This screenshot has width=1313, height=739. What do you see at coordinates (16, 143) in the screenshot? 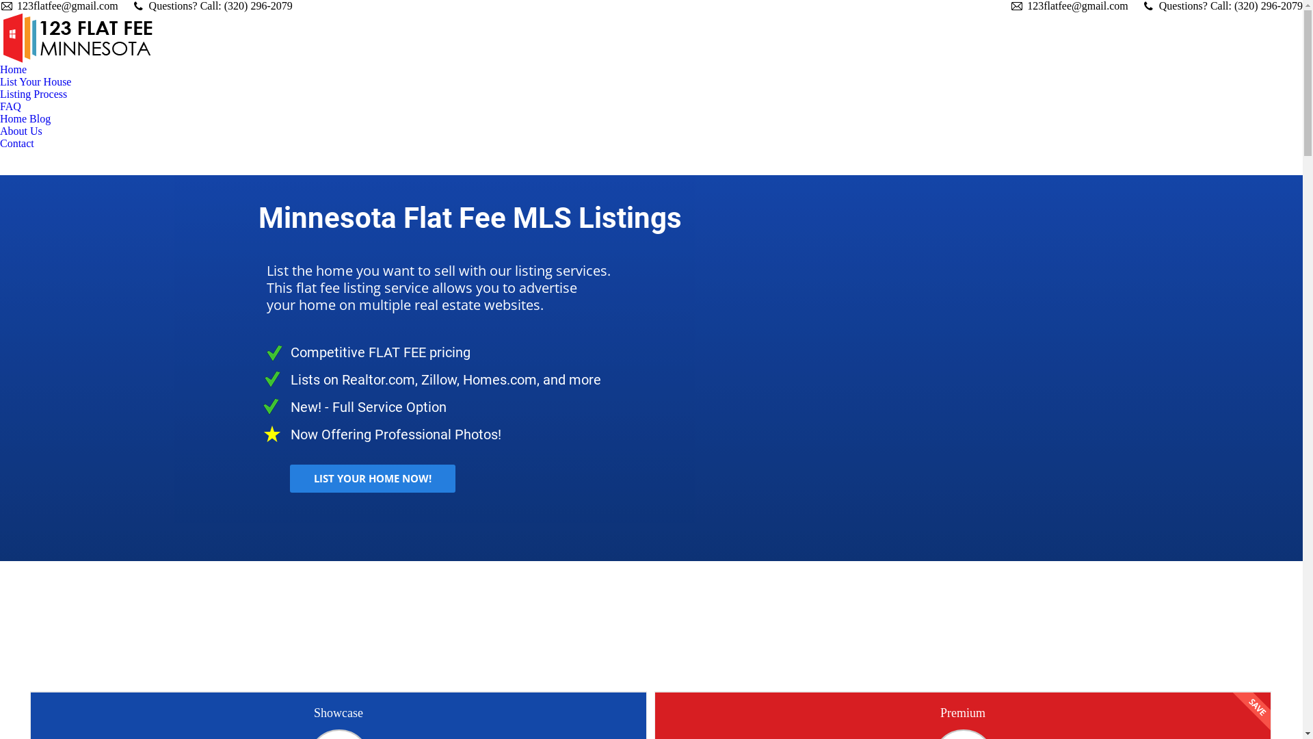
I see `'Contact'` at bounding box center [16, 143].